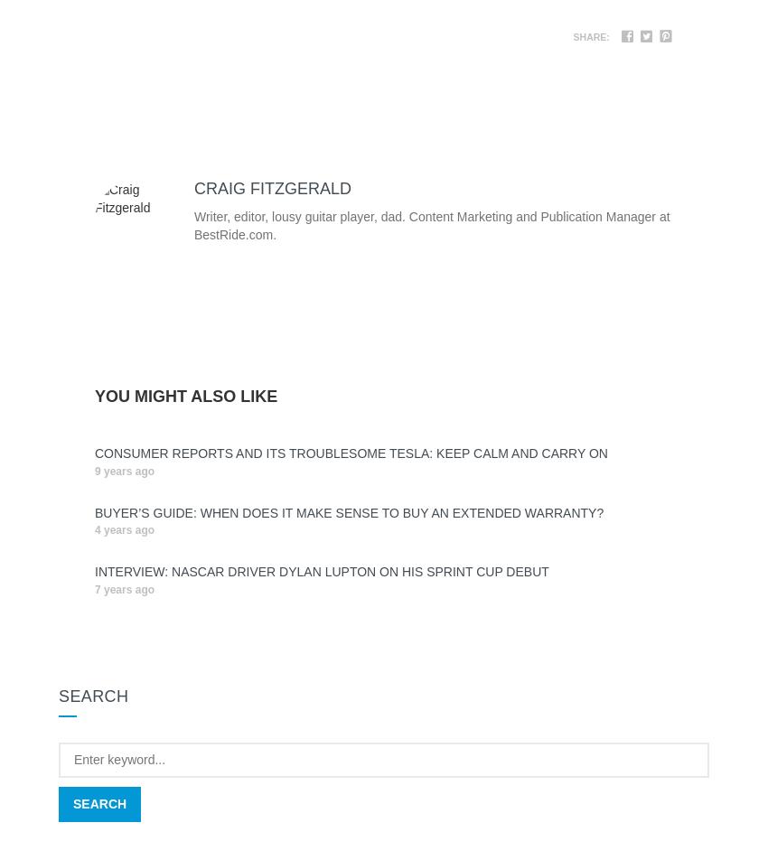  I want to click on '7 years ago', so click(125, 589).